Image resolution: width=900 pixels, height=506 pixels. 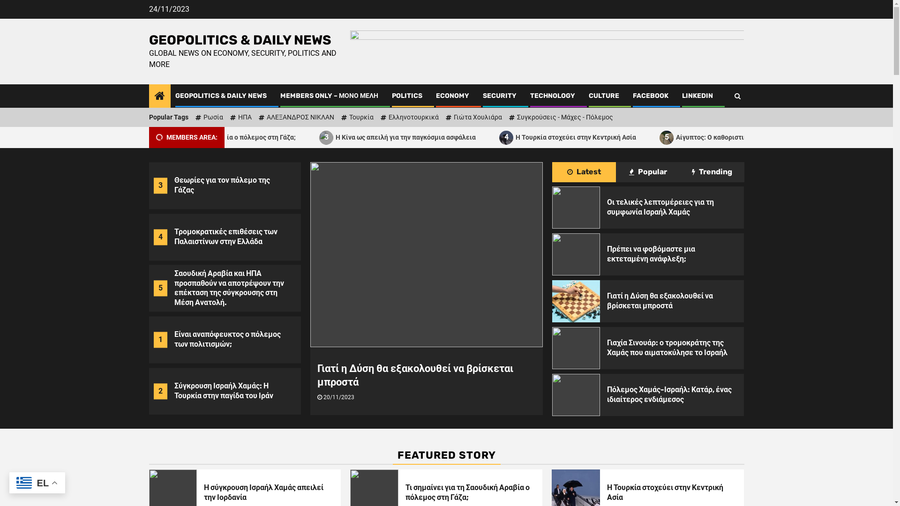 What do you see at coordinates (407, 96) in the screenshot?
I see `'POLITICS'` at bounding box center [407, 96].